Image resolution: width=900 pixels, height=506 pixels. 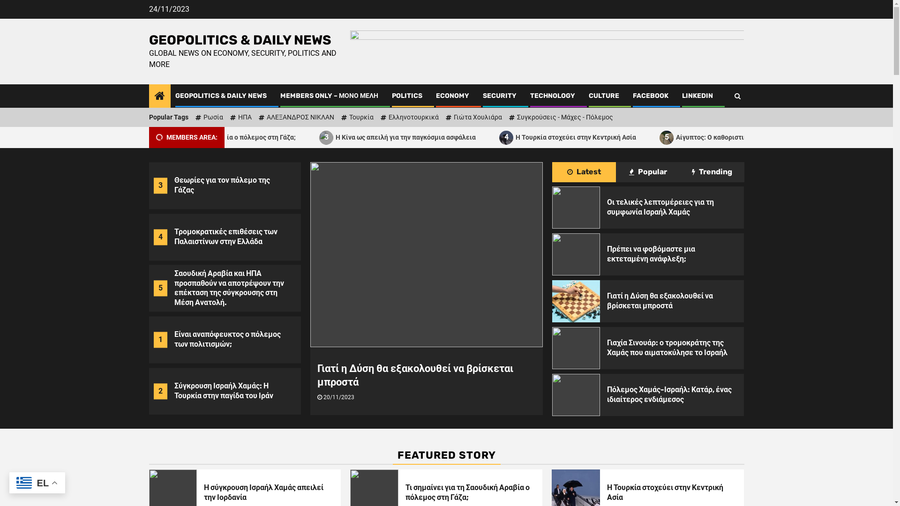 What do you see at coordinates (407, 96) in the screenshot?
I see `'POLITICS'` at bounding box center [407, 96].